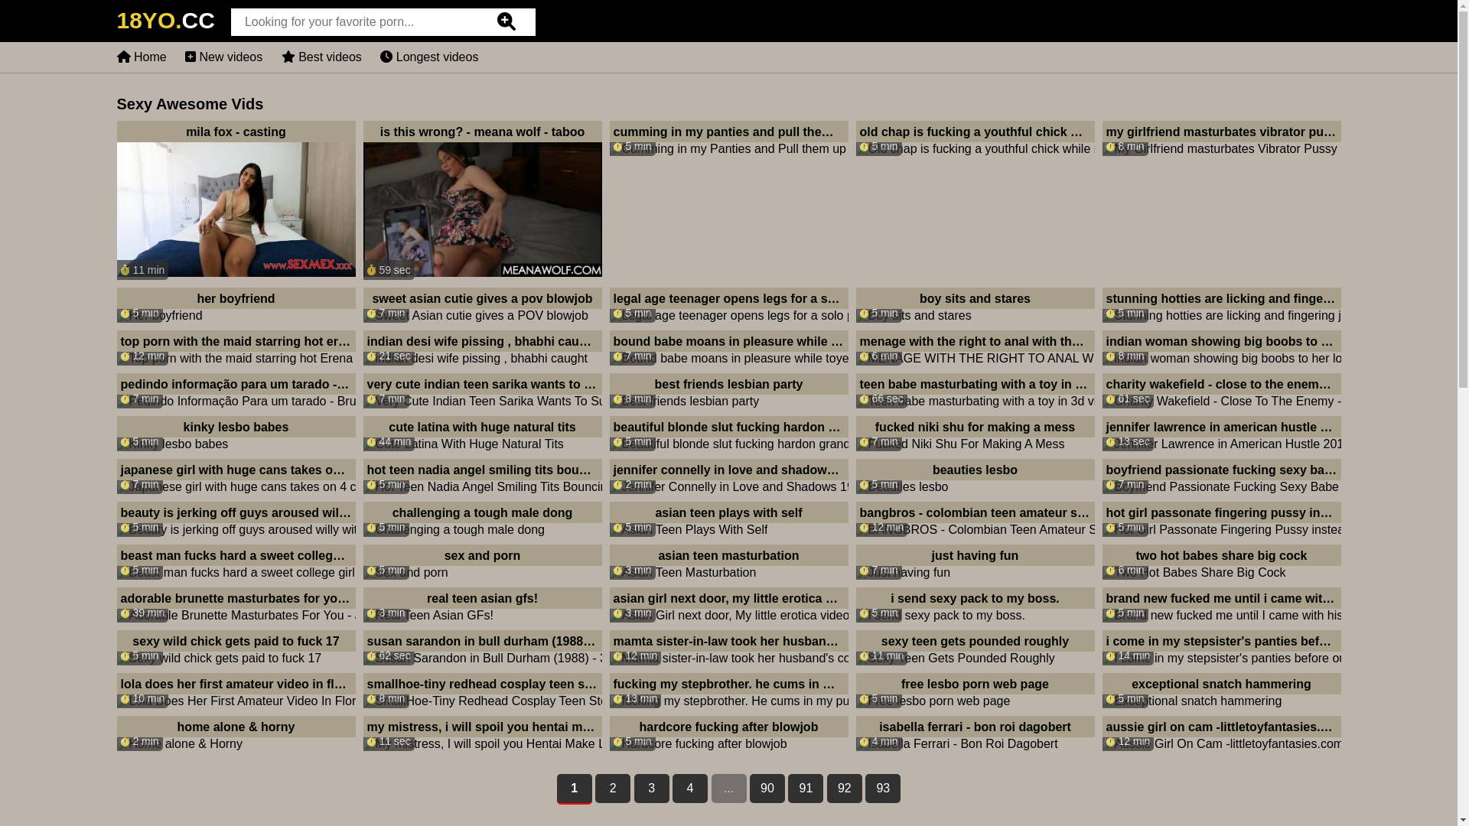  Describe the element at coordinates (480, 304) in the screenshot. I see `'7 min` at that location.